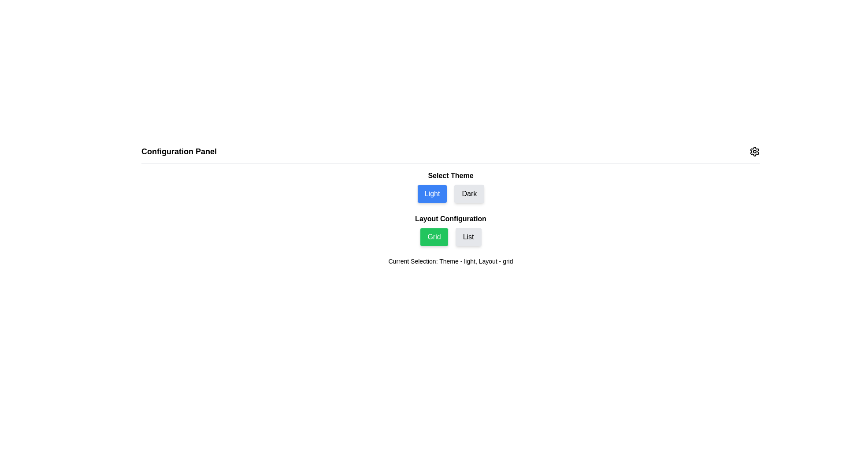 This screenshot has width=846, height=476. I want to click on the 'Grid' or 'List' button in the Toggle Button Group under the 'Layout Configuration' heading, so click(450, 229).